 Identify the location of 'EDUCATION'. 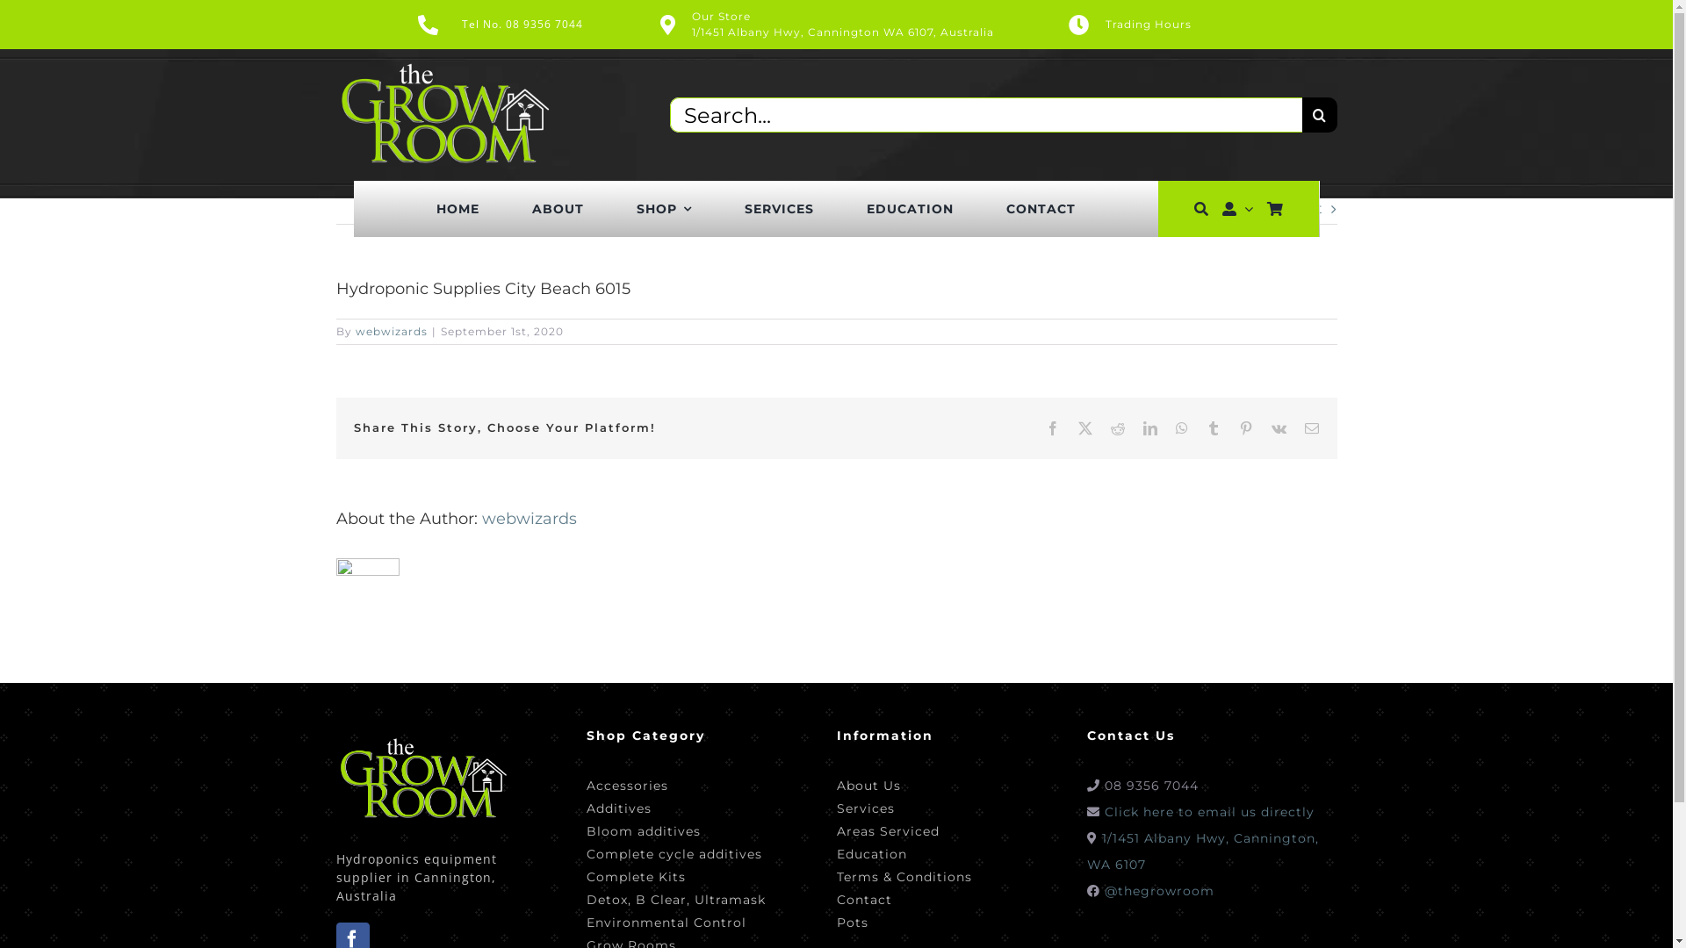
(910, 208).